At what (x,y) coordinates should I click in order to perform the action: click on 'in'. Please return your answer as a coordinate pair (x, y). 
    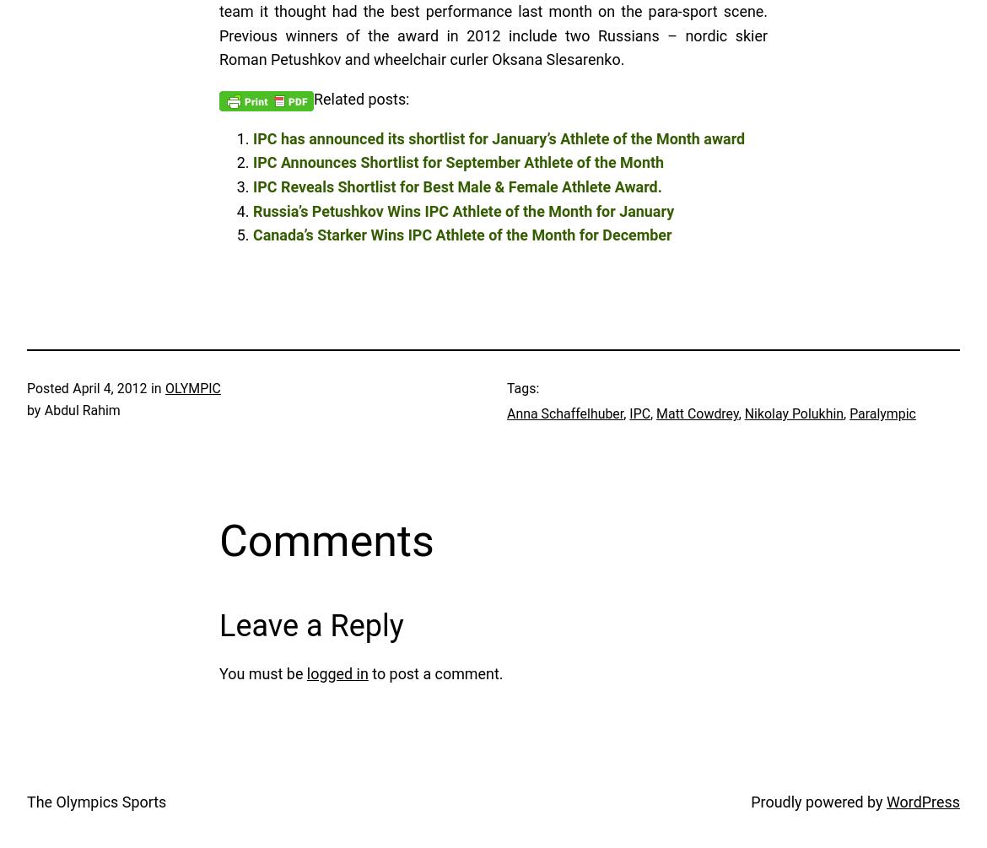
    Looking at the image, I should click on (154, 388).